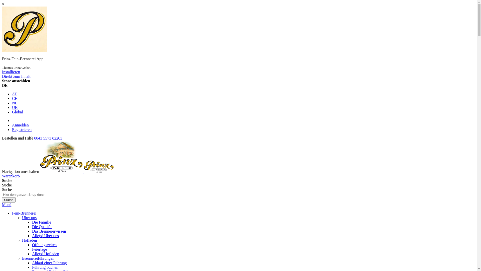 The width and height of the screenshot is (481, 271). I want to click on '0043 5573 82203', so click(48, 138).